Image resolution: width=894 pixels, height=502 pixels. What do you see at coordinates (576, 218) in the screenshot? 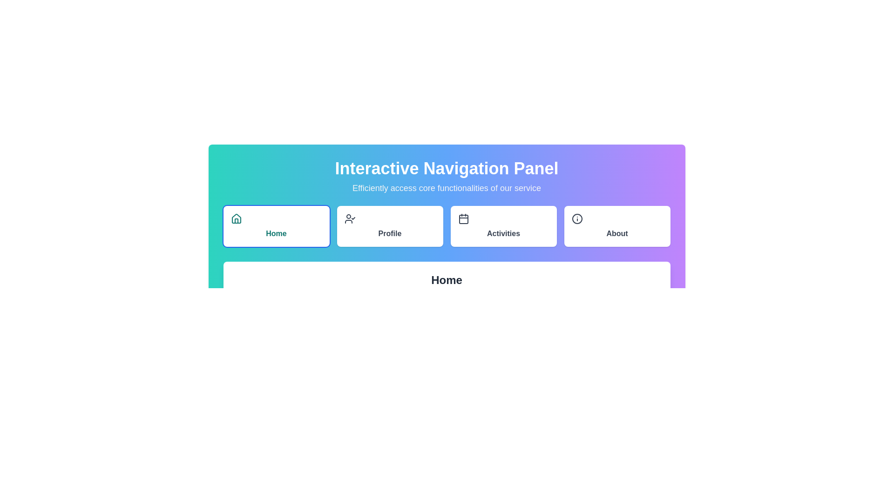
I see `the interactive icon in the 'About' section, located on the far right of the navigation panel` at bounding box center [576, 218].